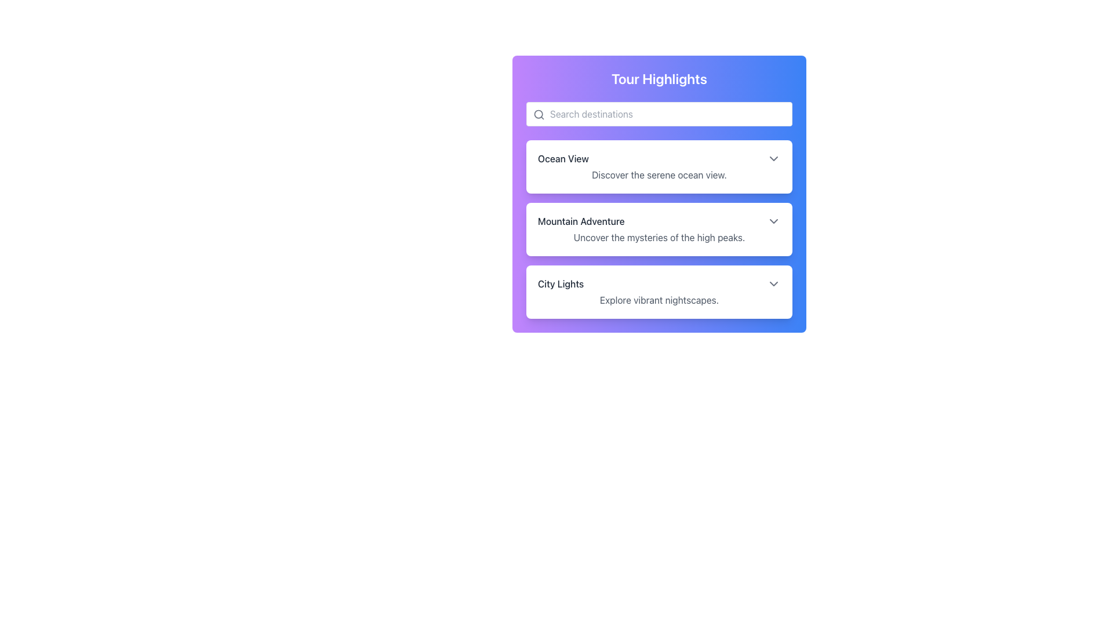 Image resolution: width=1113 pixels, height=626 pixels. Describe the element at coordinates (538, 114) in the screenshot. I see `the SVG Circle element that represents the circular lens of the search icon, located within the search bar to the left of the text input area` at that location.